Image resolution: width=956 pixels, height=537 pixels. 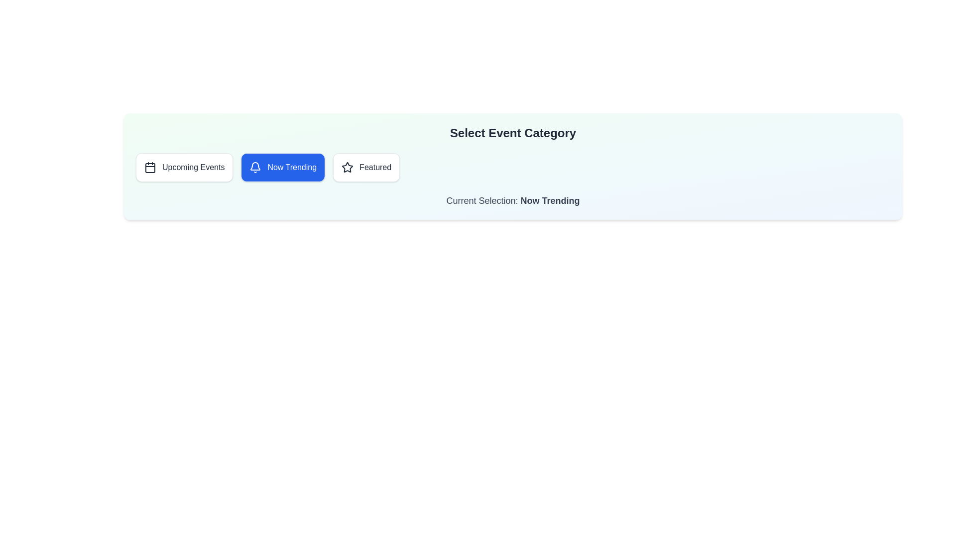 I want to click on the 'Now Trending' text label inside the button, which is styled with bold white text on a blue background and is the center element in a group of three buttons, so click(x=291, y=167).